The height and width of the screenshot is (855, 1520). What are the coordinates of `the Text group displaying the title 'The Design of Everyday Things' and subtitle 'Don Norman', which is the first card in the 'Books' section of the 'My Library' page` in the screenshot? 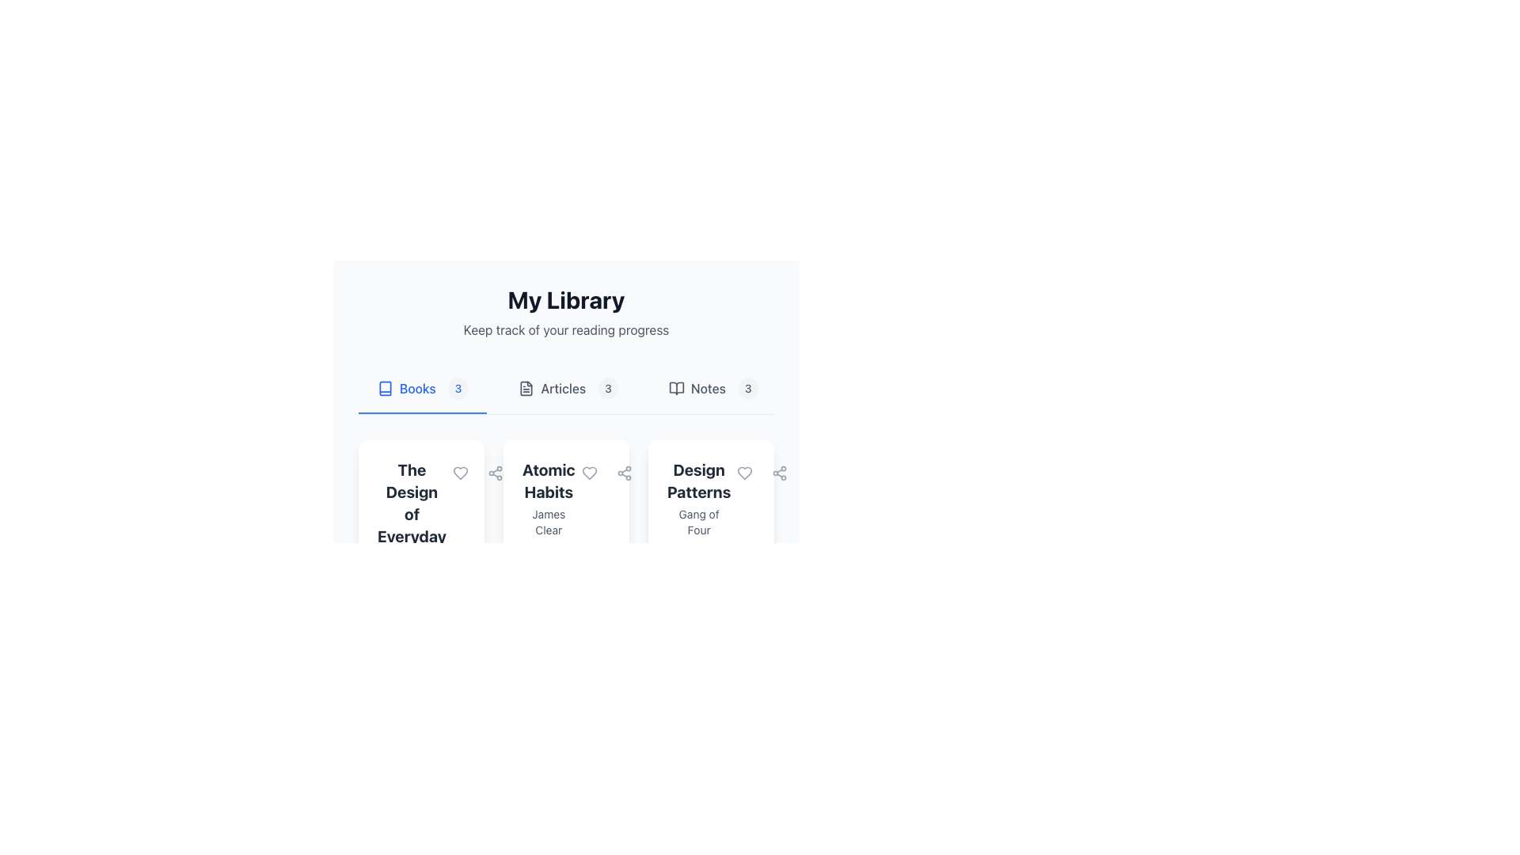 It's located at (412, 524).